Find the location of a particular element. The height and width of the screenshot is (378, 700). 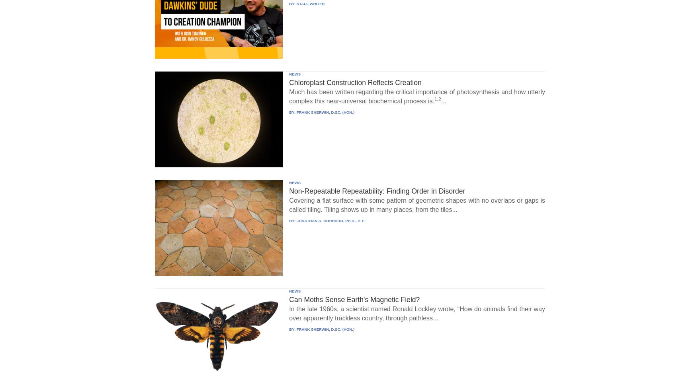

'Non-Repeatable Repeatability: Finding Order in Disorder' is located at coordinates (377, 190).